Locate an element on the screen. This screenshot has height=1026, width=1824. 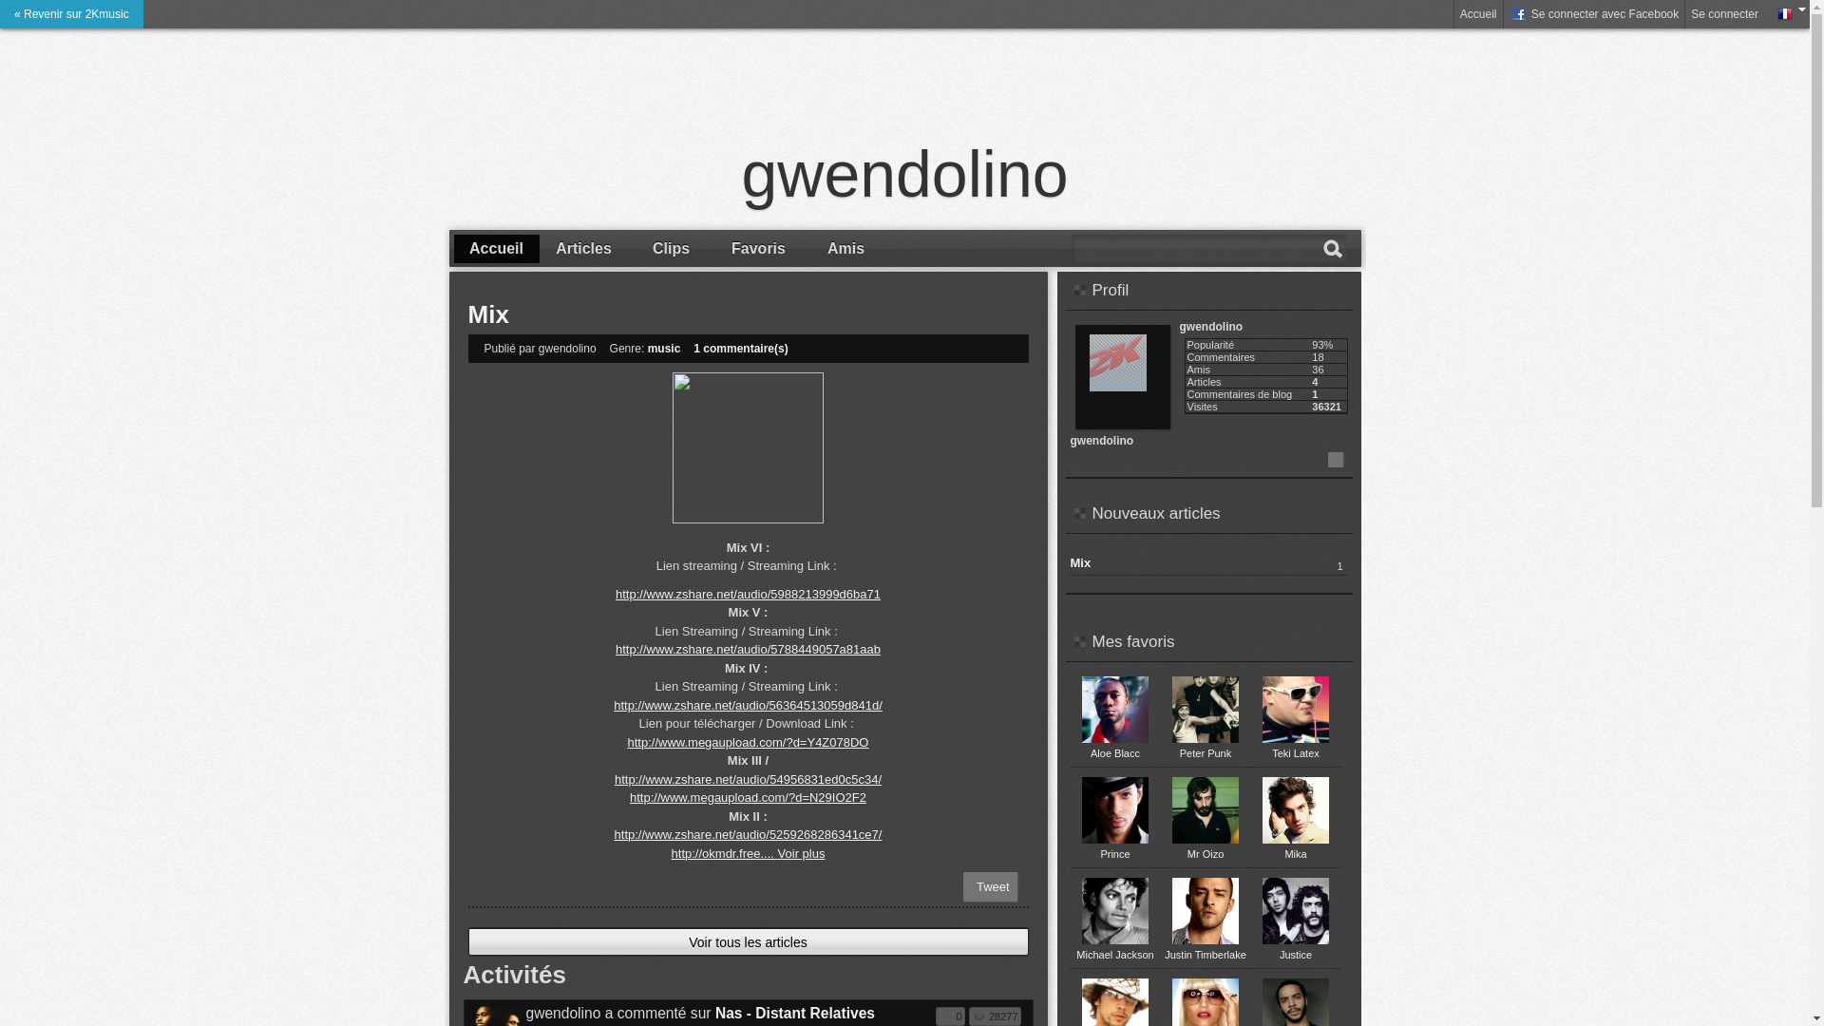
' Se connecter avec Facebook' is located at coordinates (1594, 14).